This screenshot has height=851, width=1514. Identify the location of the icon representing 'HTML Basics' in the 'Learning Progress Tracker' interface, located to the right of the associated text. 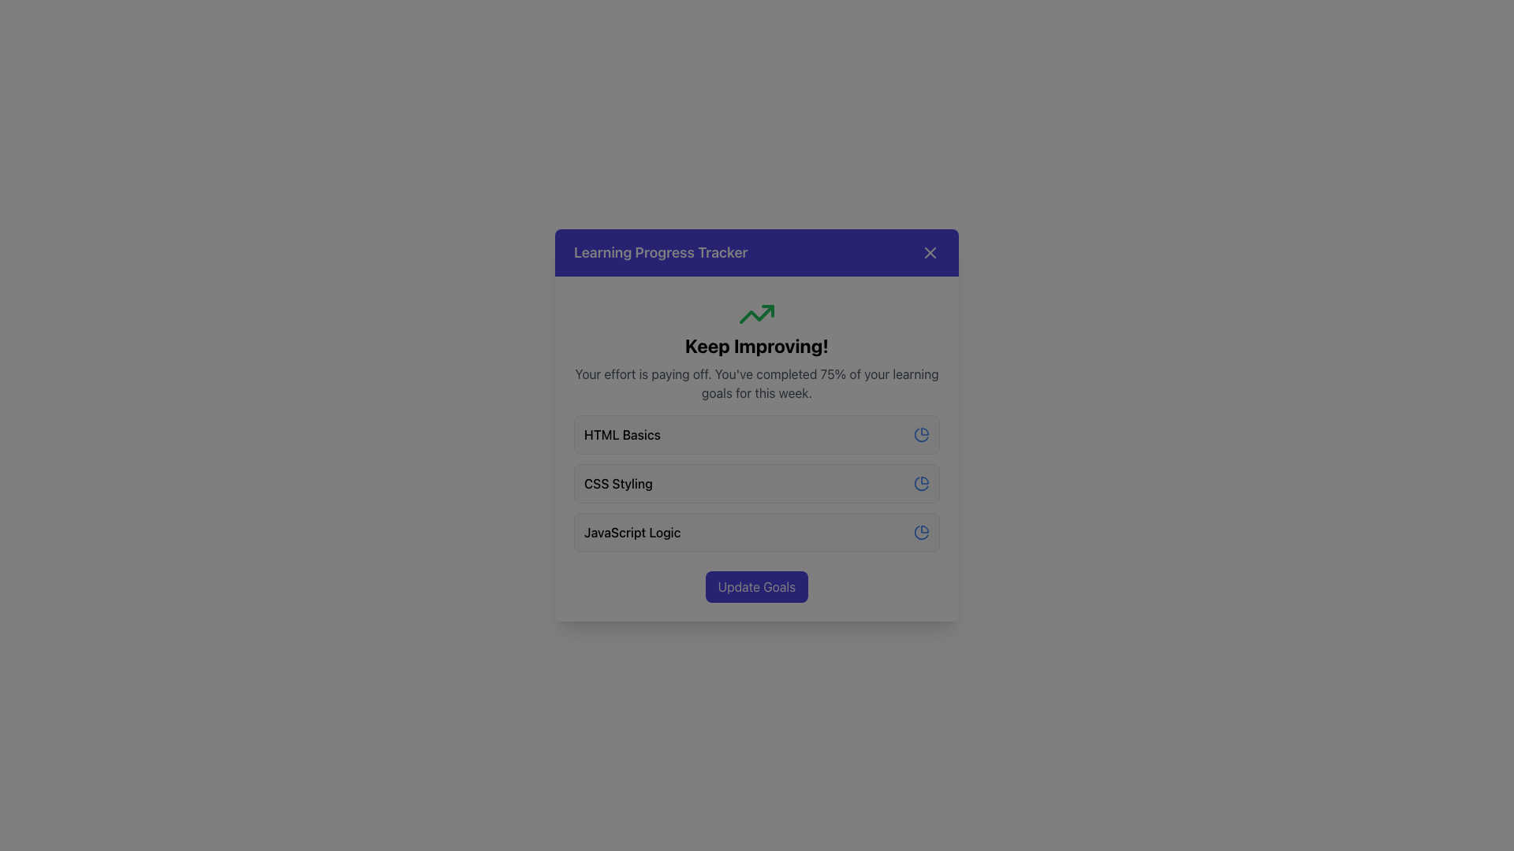
(922, 434).